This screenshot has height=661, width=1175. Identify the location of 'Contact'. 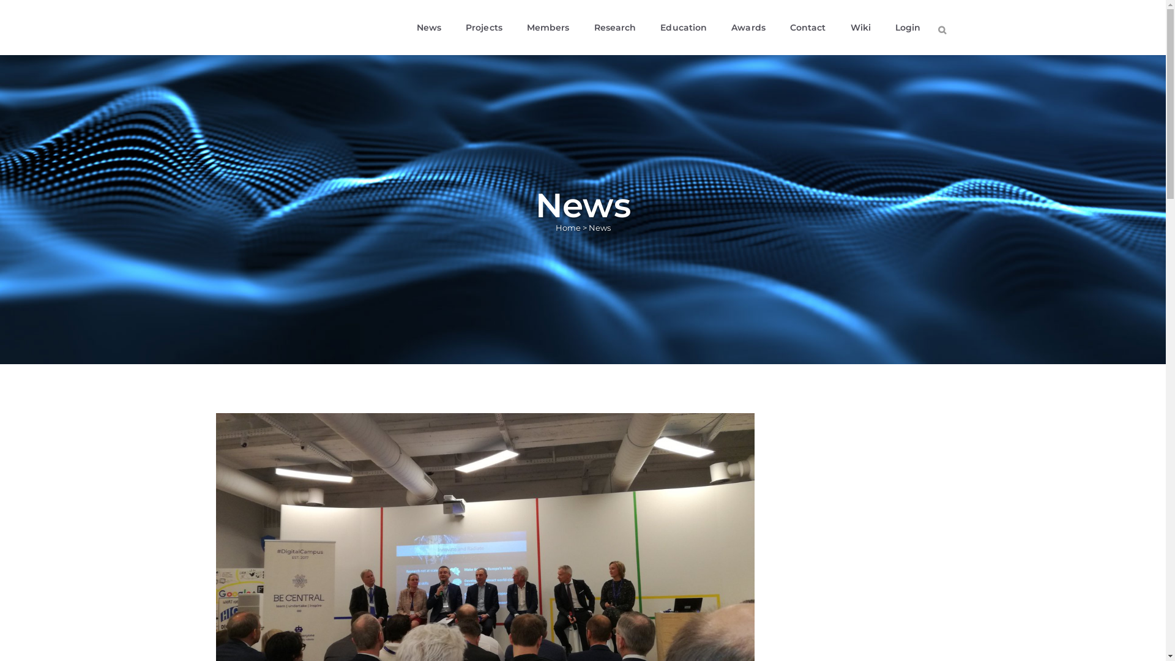
(808, 28).